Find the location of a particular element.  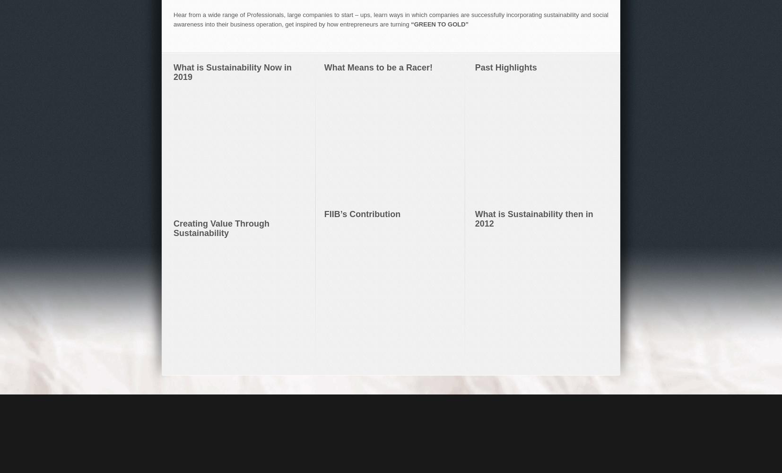

'FIIB’s Contribution' is located at coordinates (362, 213).